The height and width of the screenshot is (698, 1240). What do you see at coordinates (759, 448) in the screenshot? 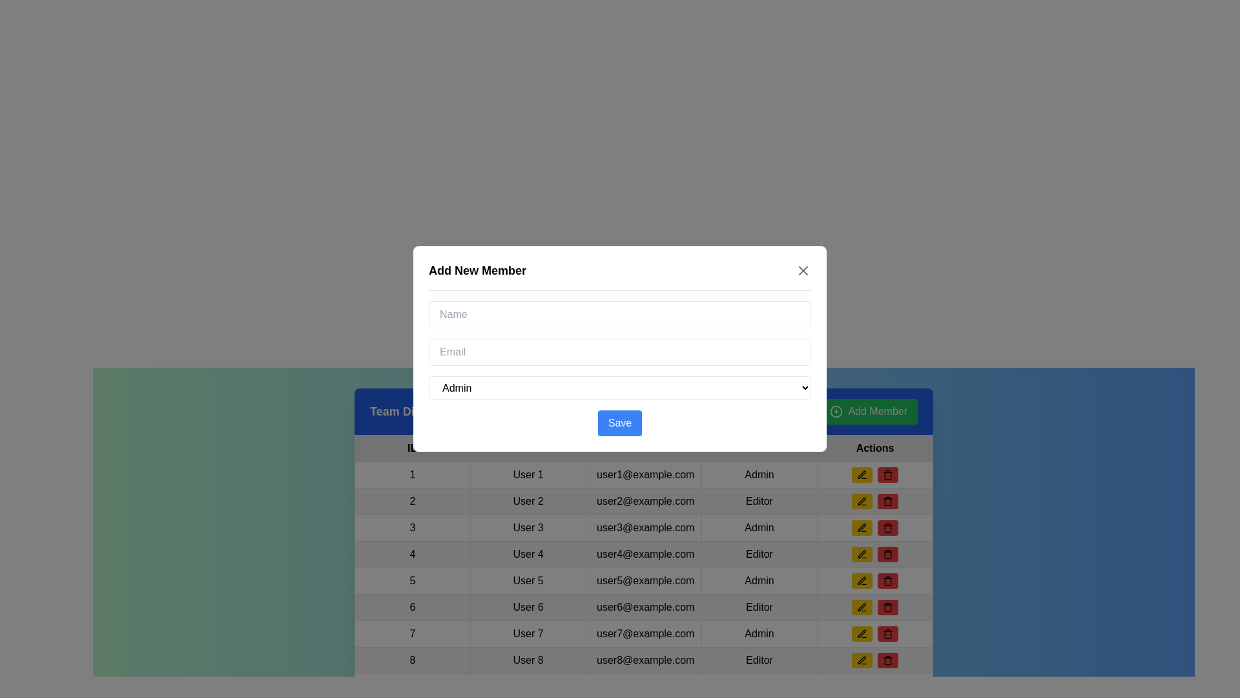
I see `the 'Role' column header in the table, which is the fourth column header positioned to the left of the 'Actions' header` at bounding box center [759, 448].